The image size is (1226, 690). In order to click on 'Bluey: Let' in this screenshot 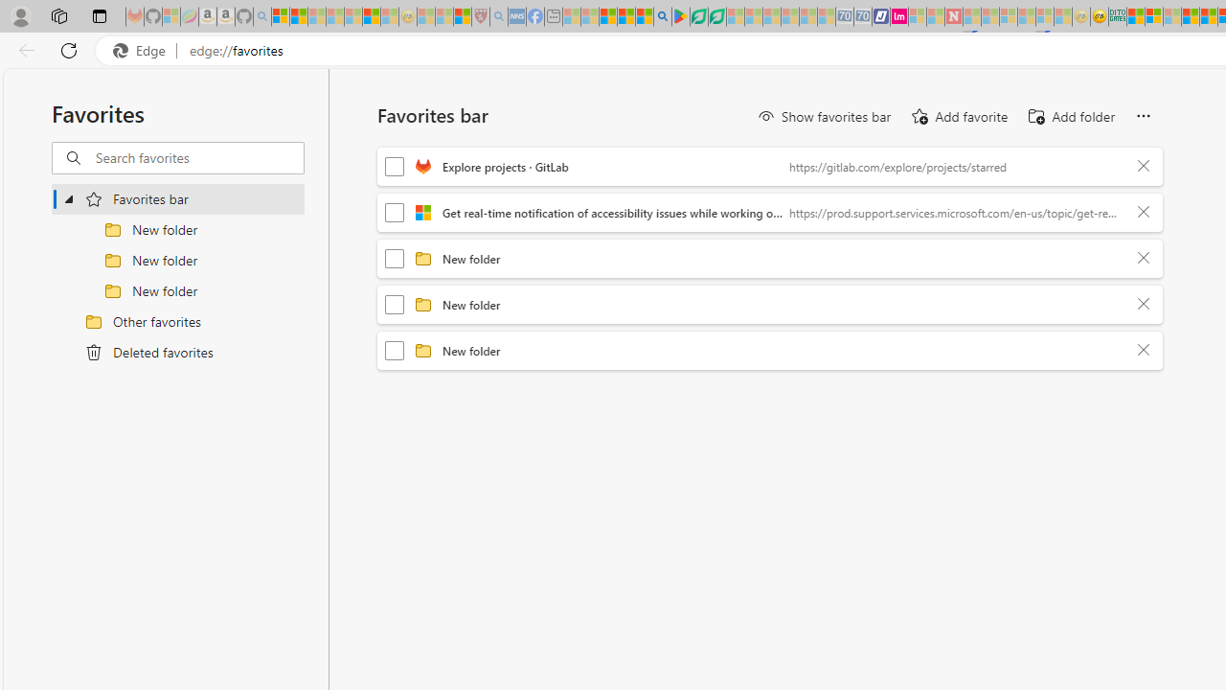, I will do `click(681, 16)`.